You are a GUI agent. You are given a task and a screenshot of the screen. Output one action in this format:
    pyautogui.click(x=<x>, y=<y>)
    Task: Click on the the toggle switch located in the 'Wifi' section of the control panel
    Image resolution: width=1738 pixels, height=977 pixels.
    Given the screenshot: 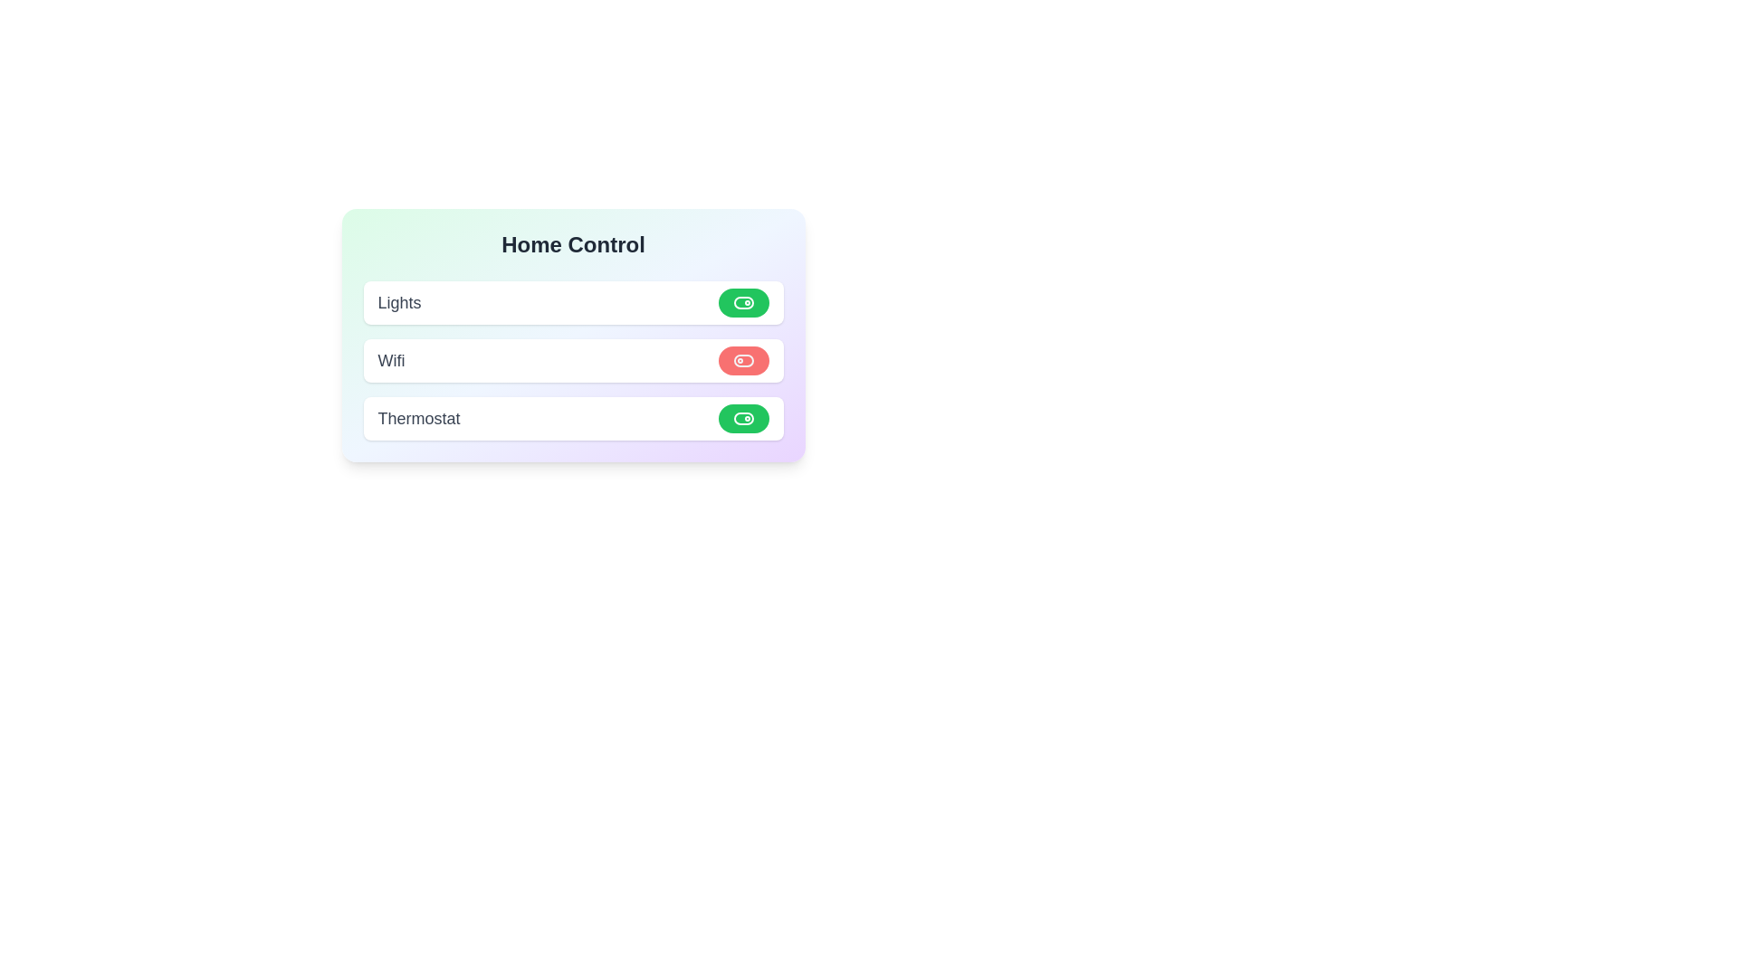 What is the action you would take?
    pyautogui.click(x=743, y=360)
    